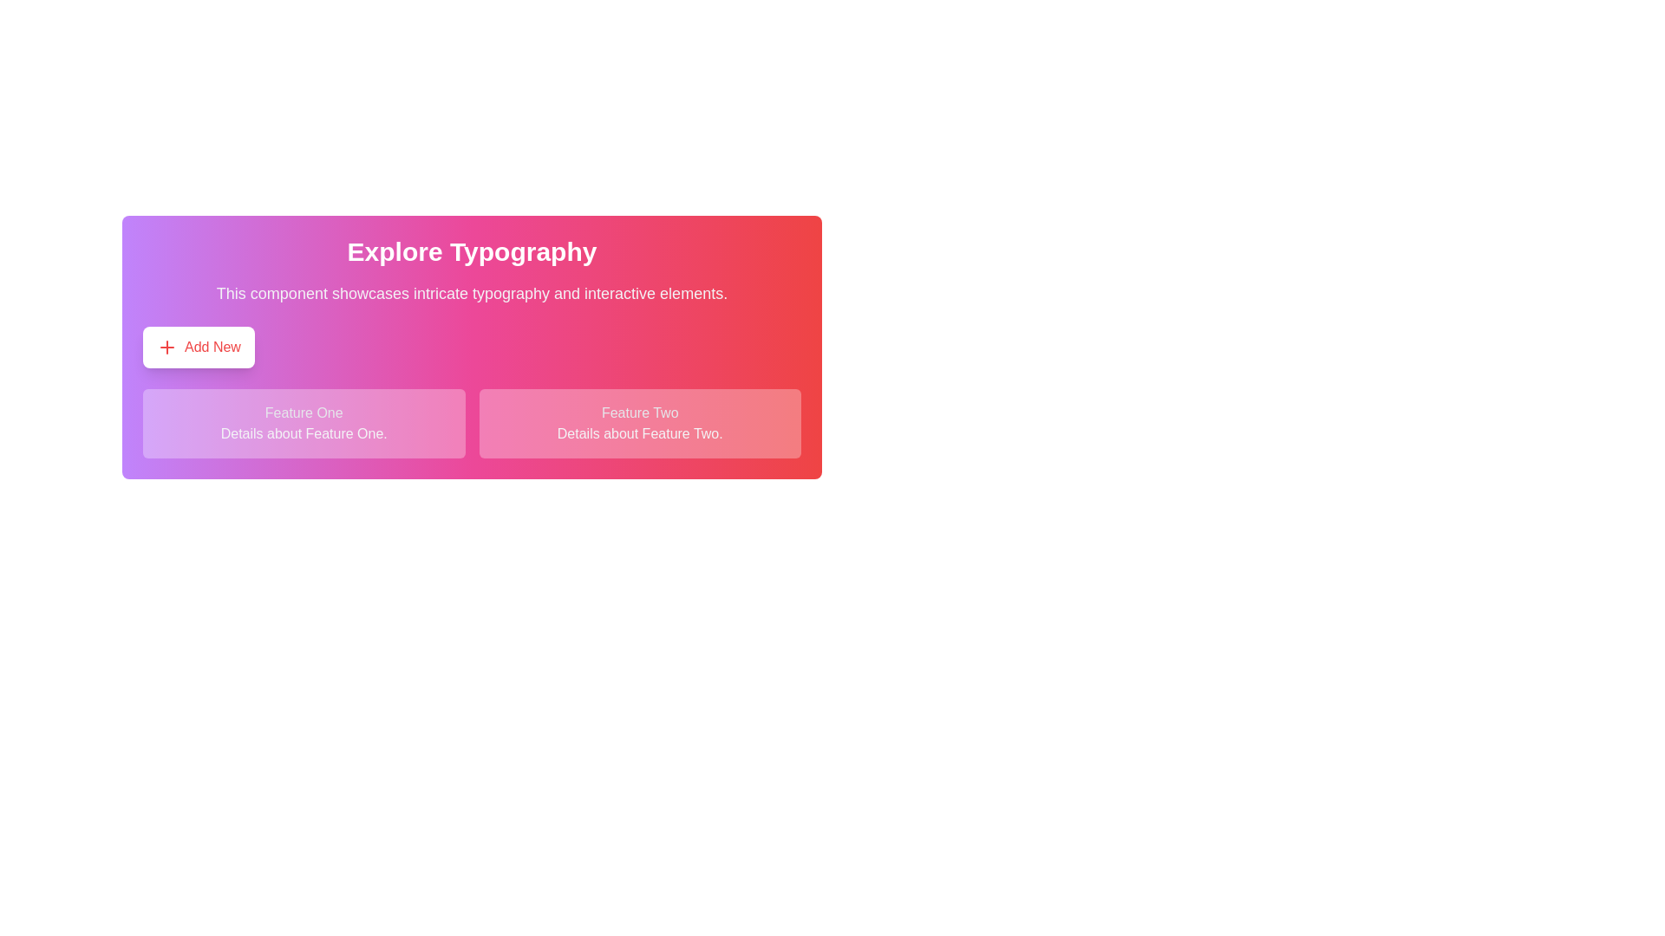 The width and height of the screenshot is (1665, 936). I want to click on the 'Add New' text label, which is styled in red and located within a button with a white background and rounded corners, so click(212, 348).